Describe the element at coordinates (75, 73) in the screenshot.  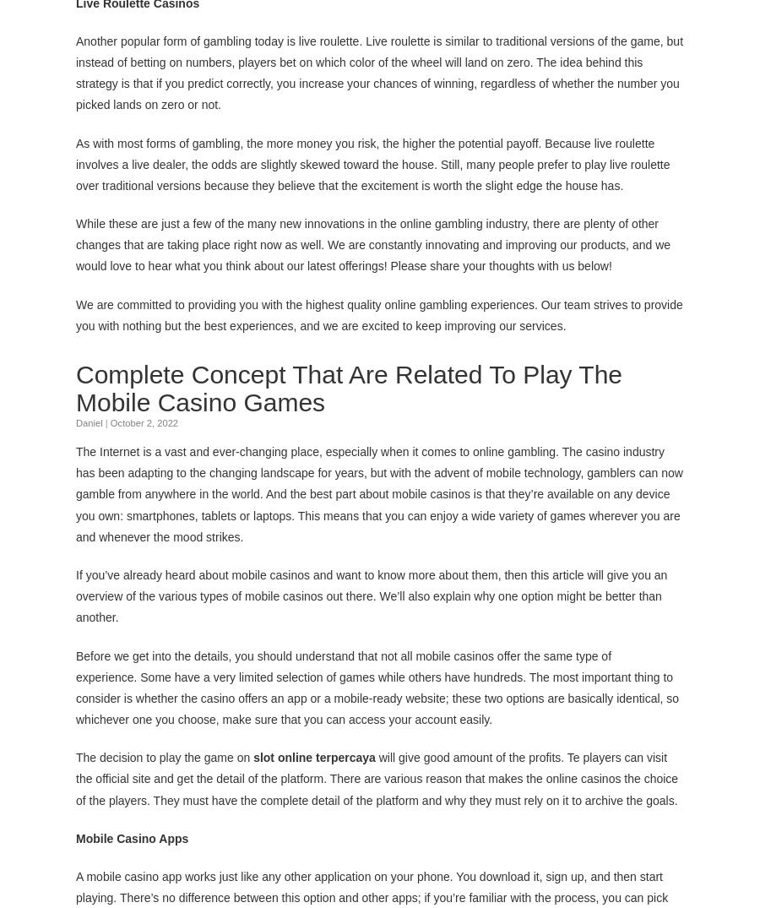
I see `'Another popular form of gambling today is live roulette. Live roulette is similar to traditional versions of the game, but instead of betting on numbers, players bet on which color of the wheel will land on zero. The idea behind this strategy is that if you predict correctly, you increase your chances of winning, regardless of whether the number you picked lands on zero or not.'` at that location.